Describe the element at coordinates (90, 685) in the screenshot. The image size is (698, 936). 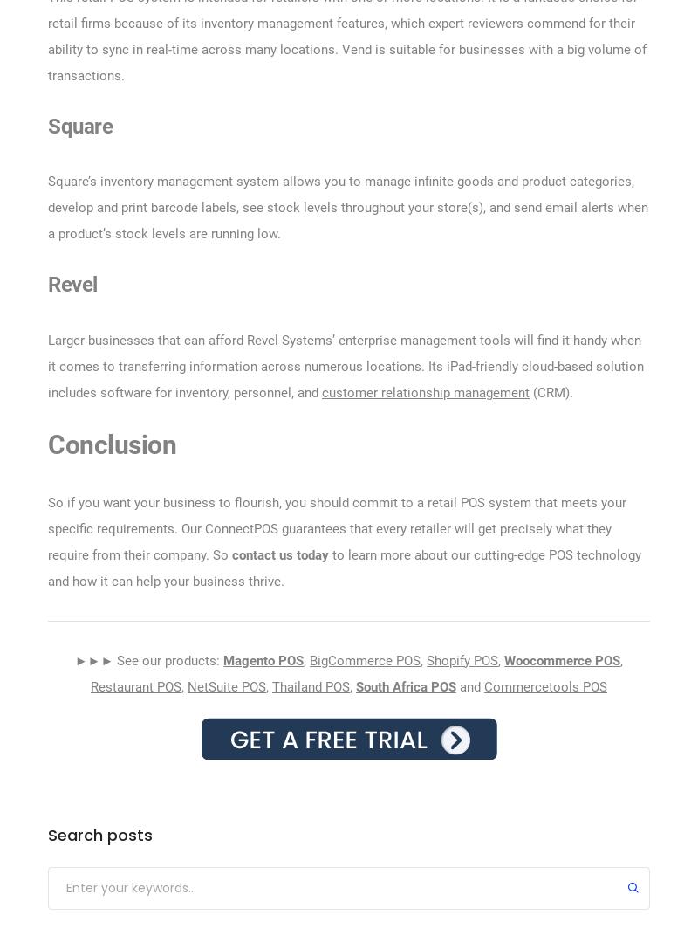
I see `'Restaurant POS'` at that location.